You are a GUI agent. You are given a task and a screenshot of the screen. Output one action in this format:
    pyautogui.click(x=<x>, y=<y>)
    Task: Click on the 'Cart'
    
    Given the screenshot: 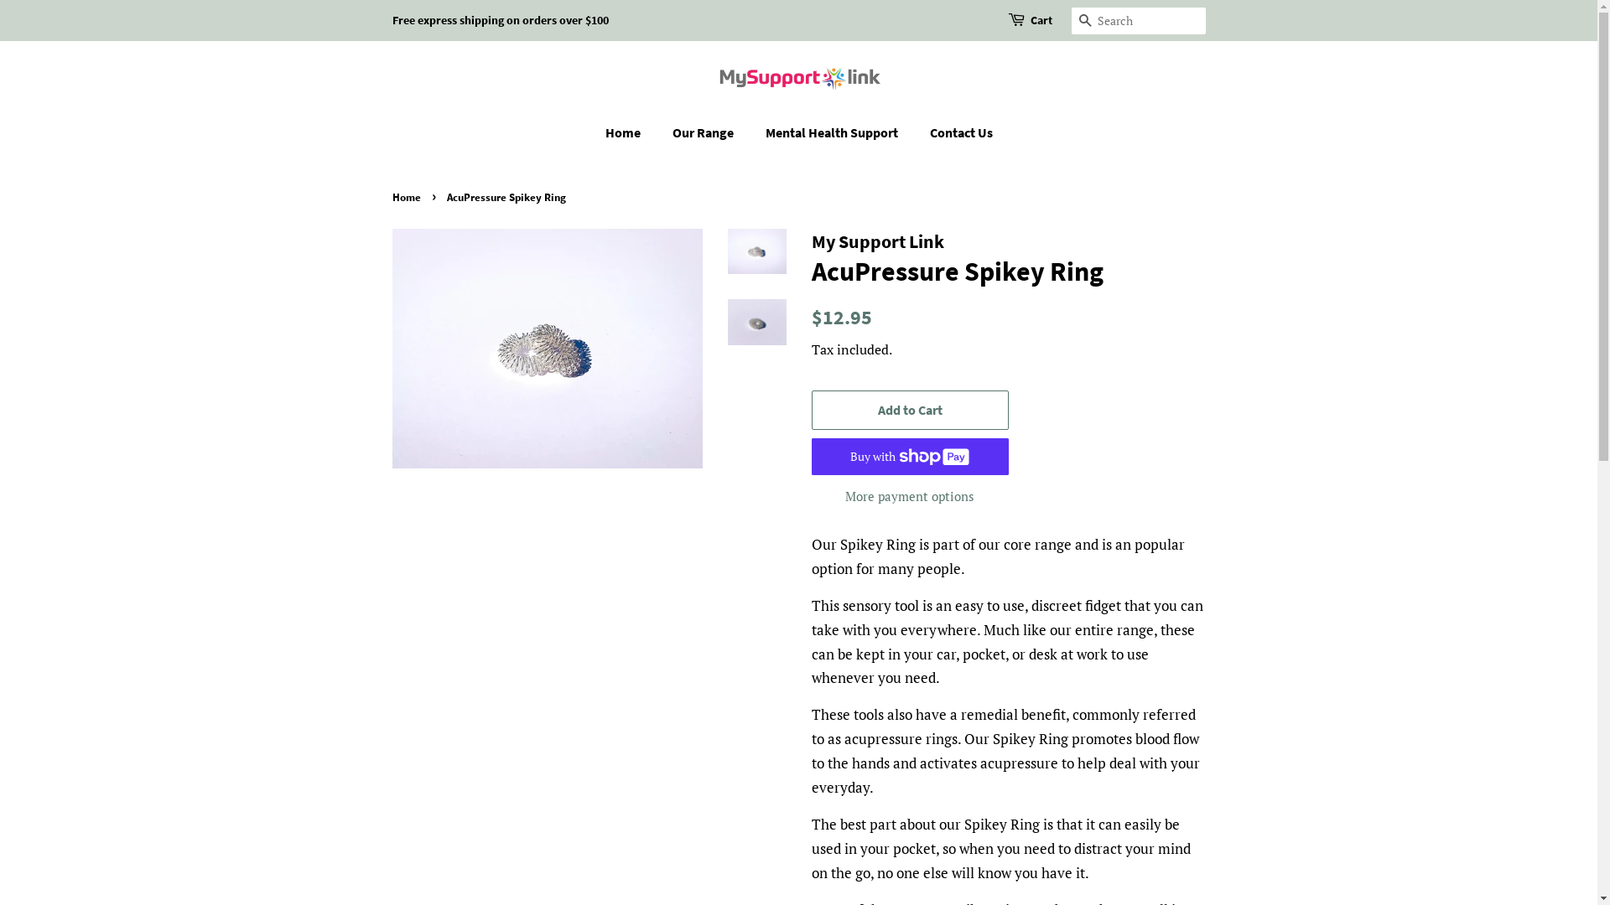 What is the action you would take?
    pyautogui.click(x=1029, y=20)
    